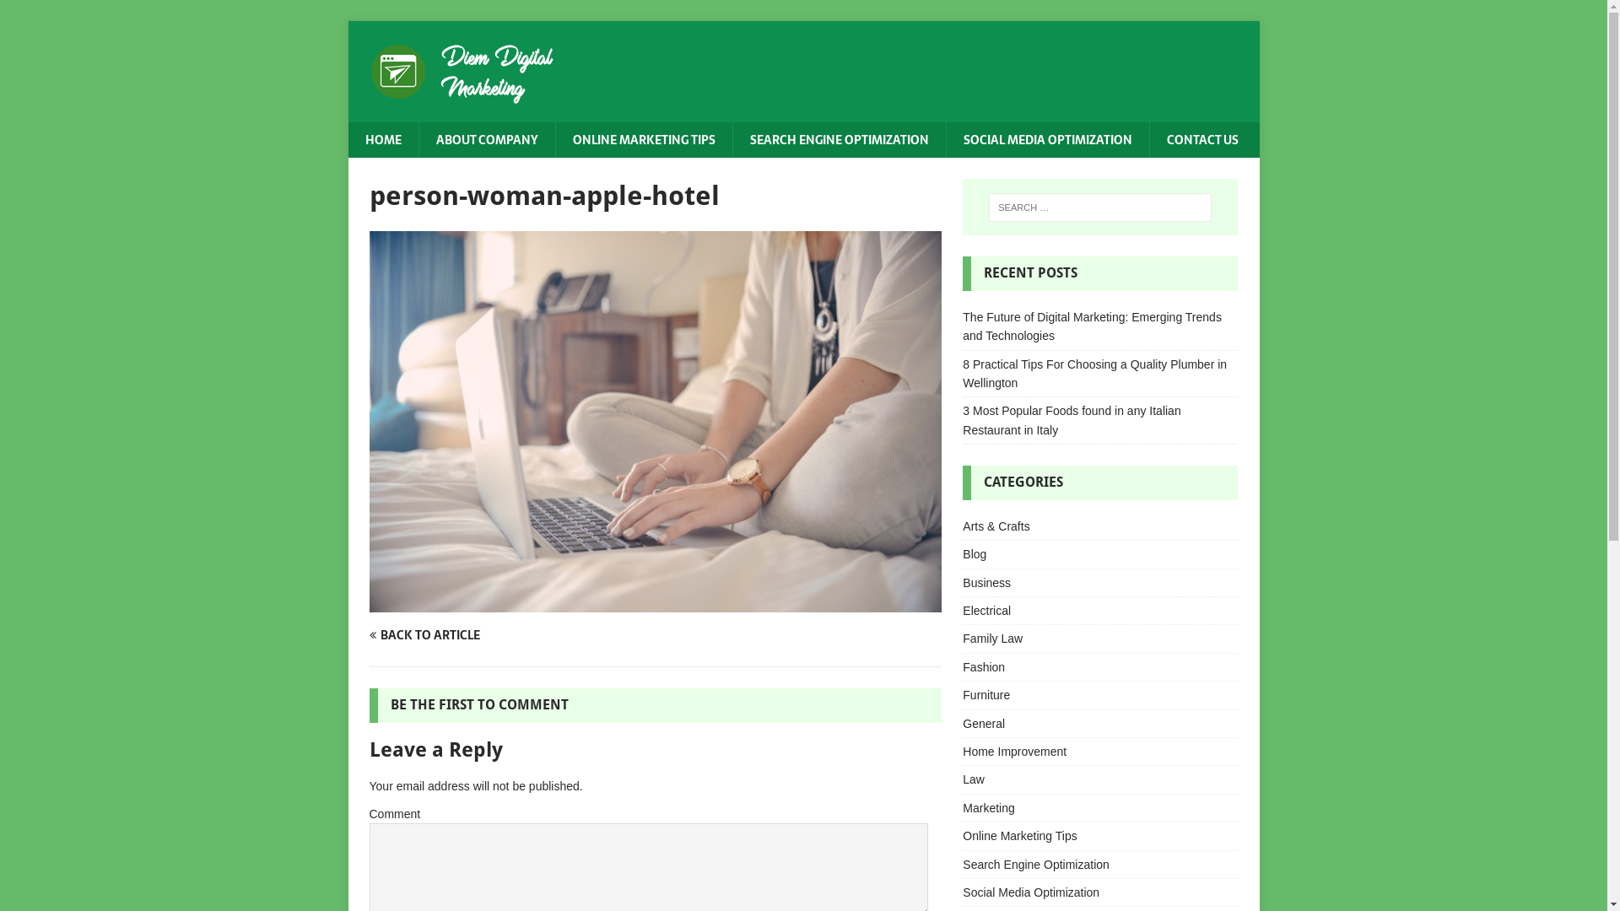 The height and width of the screenshot is (911, 1620). I want to click on 'BACK TO ARTICLE', so click(508, 634).